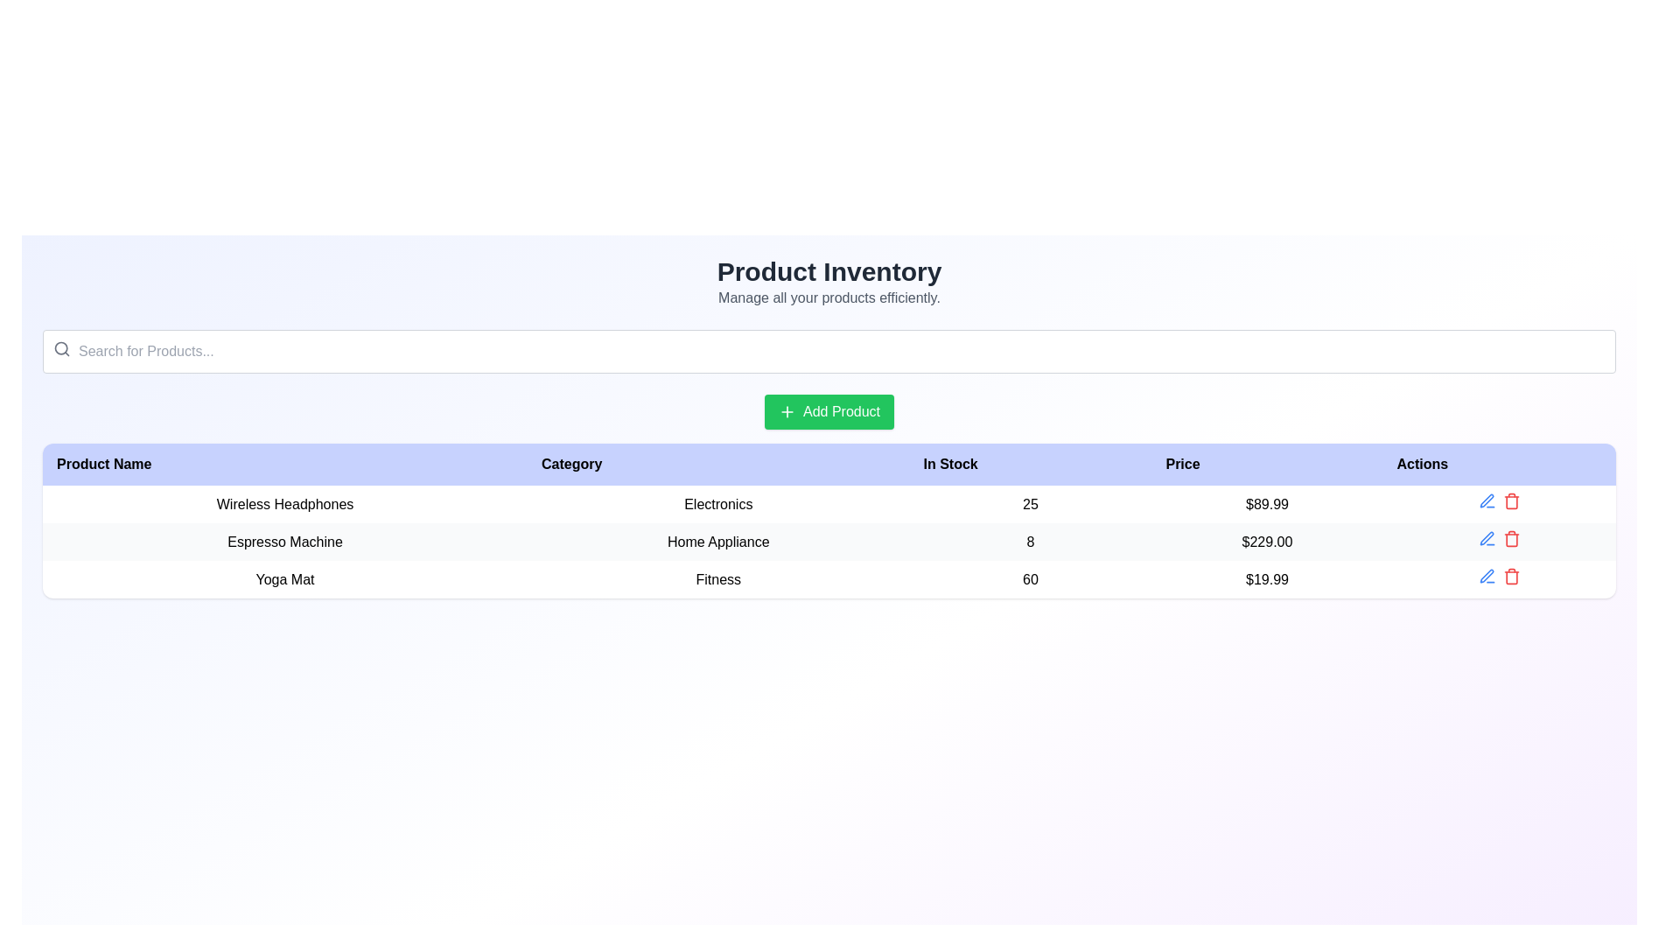 Image resolution: width=1680 pixels, height=945 pixels. What do you see at coordinates (1510, 538) in the screenshot?
I see `the delete button located in the 'Actions' column of the second row in the table` at bounding box center [1510, 538].